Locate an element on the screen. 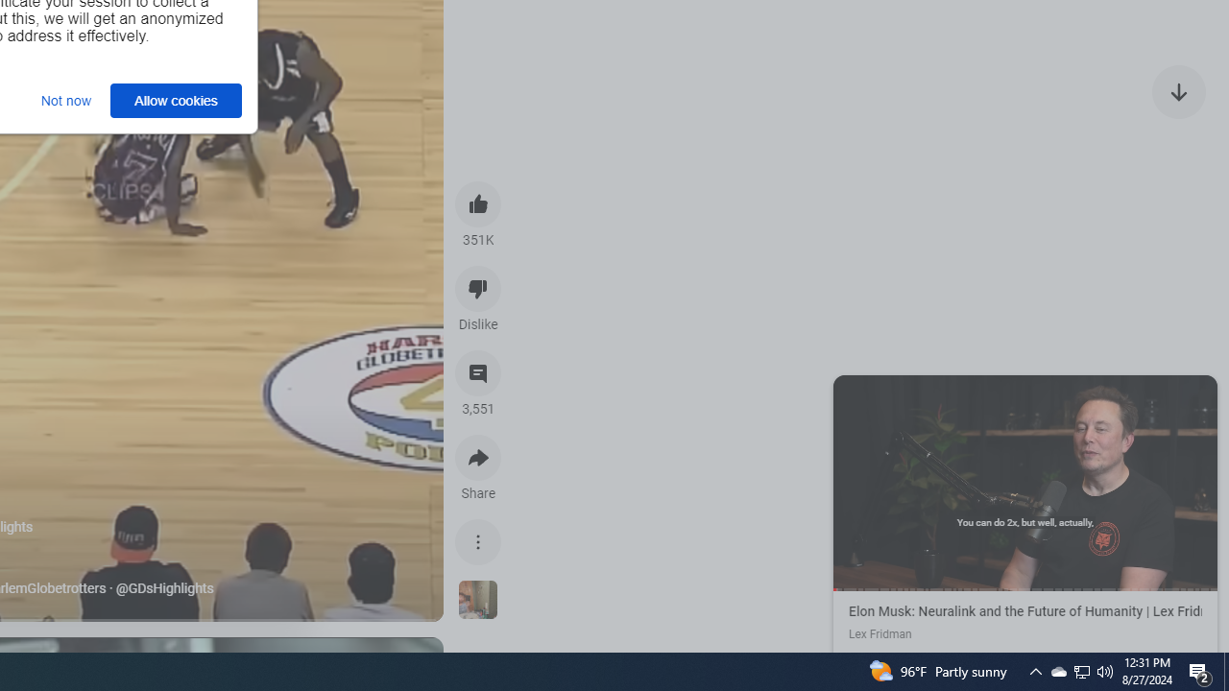 Image resolution: width=1229 pixels, height=691 pixels. 'like this video along with 351K other people' is located at coordinates (478, 203).